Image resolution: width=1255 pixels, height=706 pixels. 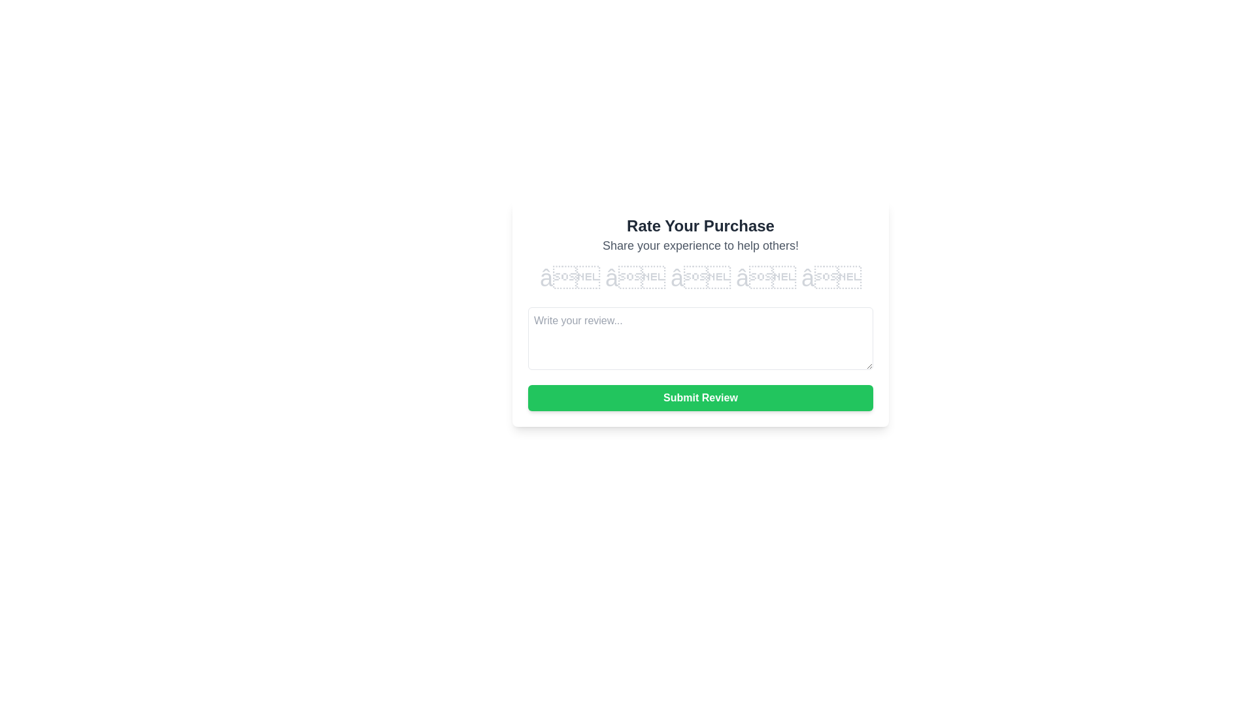 What do you see at coordinates (699, 337) in the screenshot?
I see `the review text box to select text` at bounding box center [699, 337].